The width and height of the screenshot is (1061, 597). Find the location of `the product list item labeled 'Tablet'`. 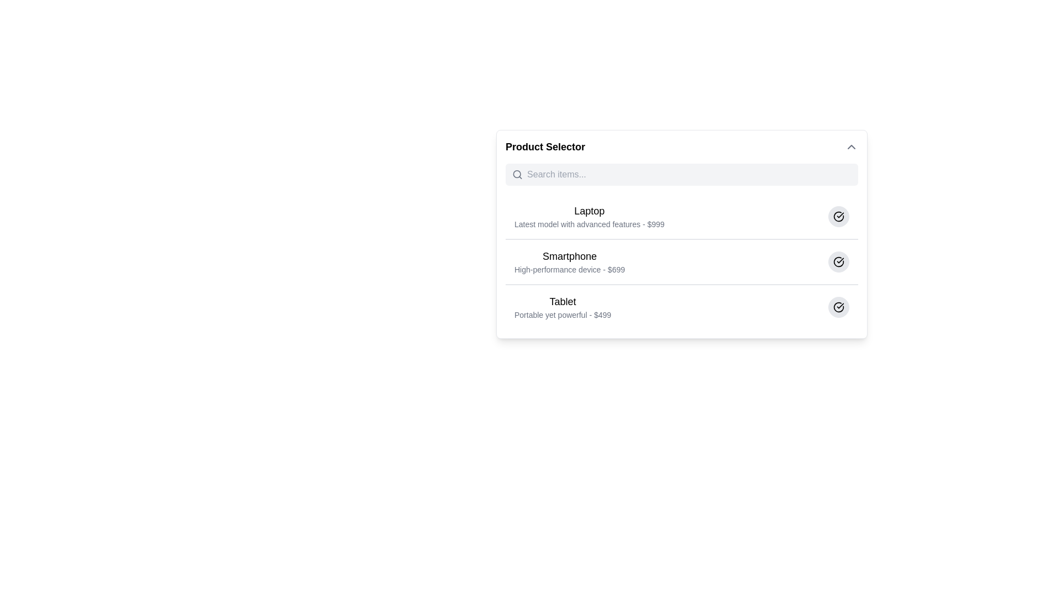

the product list item labeled 'Tablet' is located at coordinates (681, 307).